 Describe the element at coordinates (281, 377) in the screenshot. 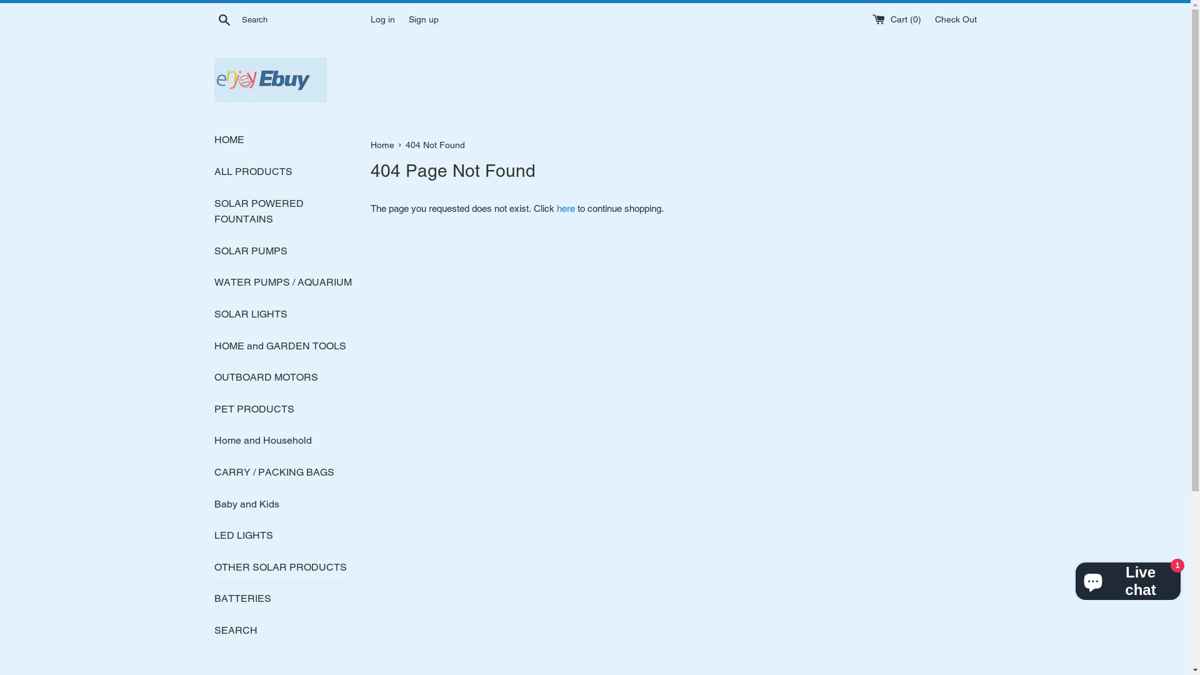

I see `'OUTBOARD MOTORS'` at that location.